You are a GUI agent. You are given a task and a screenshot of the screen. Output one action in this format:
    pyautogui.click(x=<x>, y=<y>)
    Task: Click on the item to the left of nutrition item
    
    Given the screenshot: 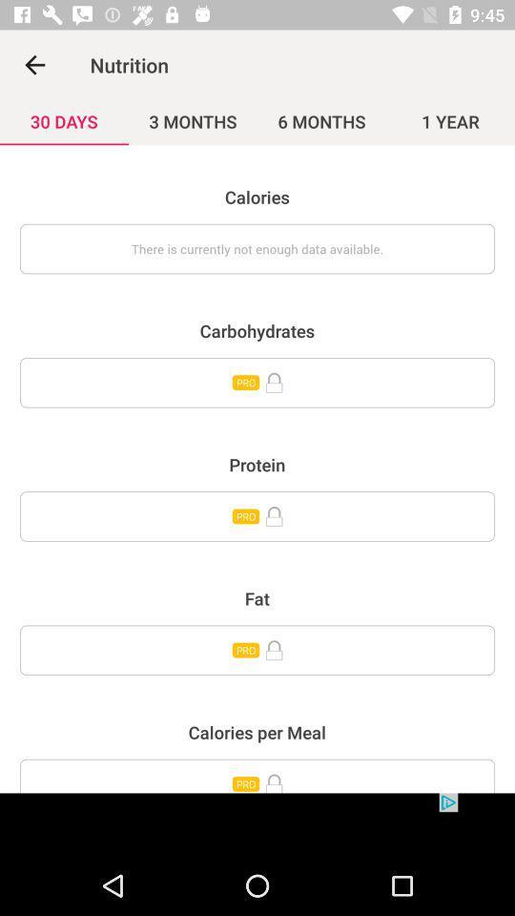 What is the action you would take?
    pyautogui.click(x=34, y=65)
    